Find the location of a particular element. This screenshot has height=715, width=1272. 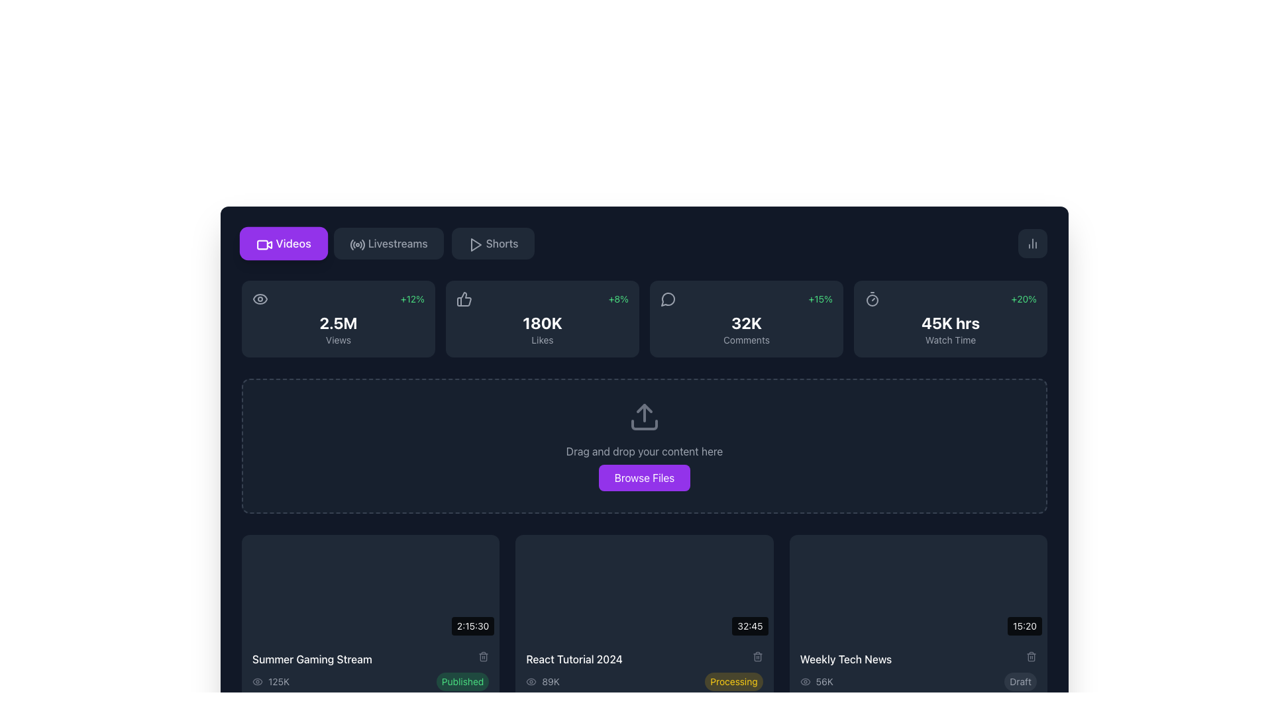

the play icon, which is an arrow-shaped graphical icon pointing to the right, located within a small square area on the right side of the top navigation bar is located at coordinates (476, 245).